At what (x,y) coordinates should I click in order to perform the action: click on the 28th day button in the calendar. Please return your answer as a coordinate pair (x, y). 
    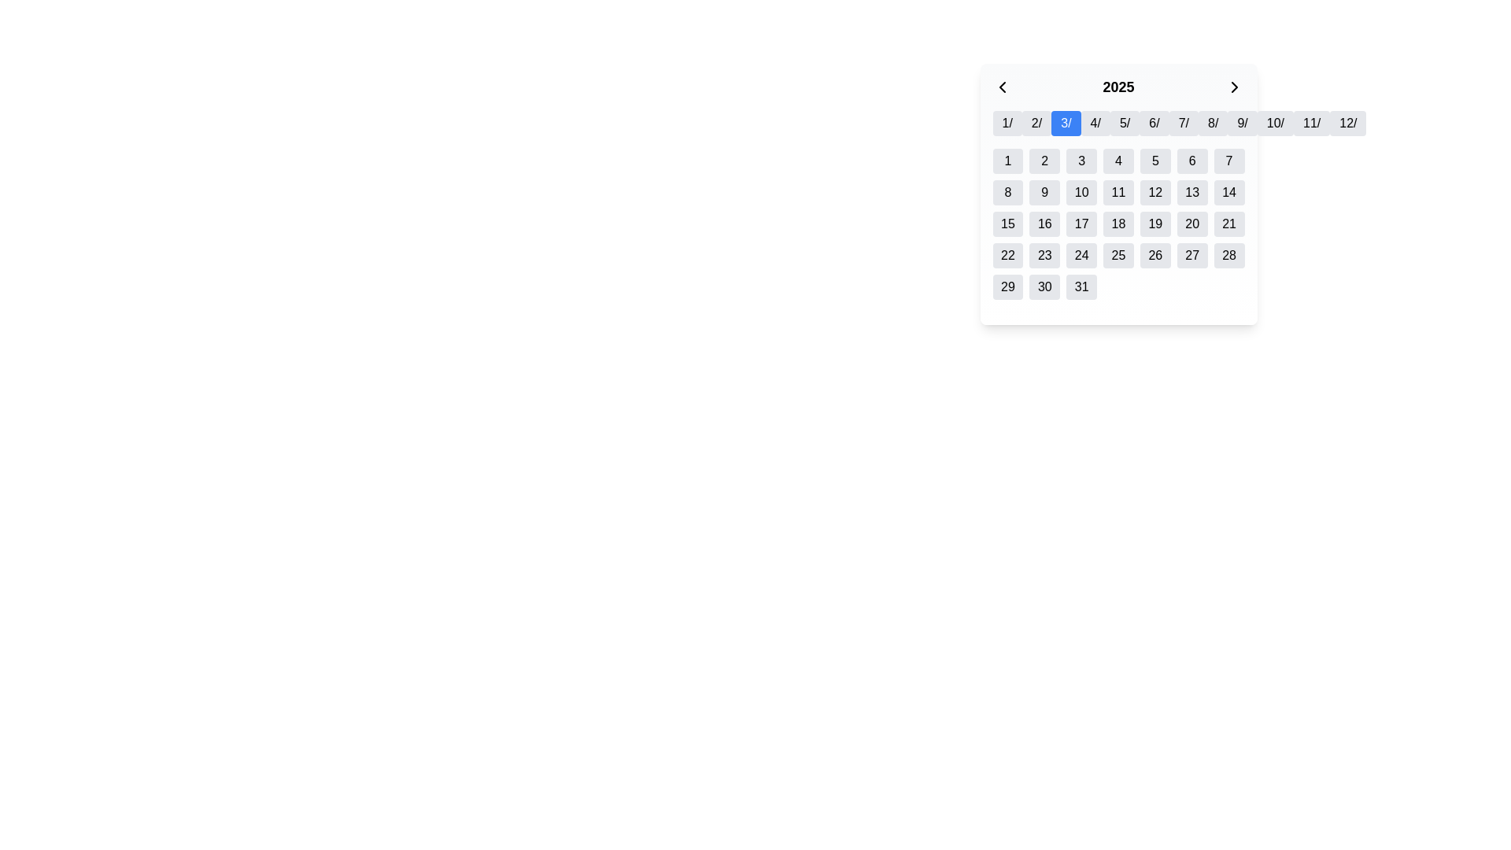
    Looking at the image, I should click on (1228, 254).